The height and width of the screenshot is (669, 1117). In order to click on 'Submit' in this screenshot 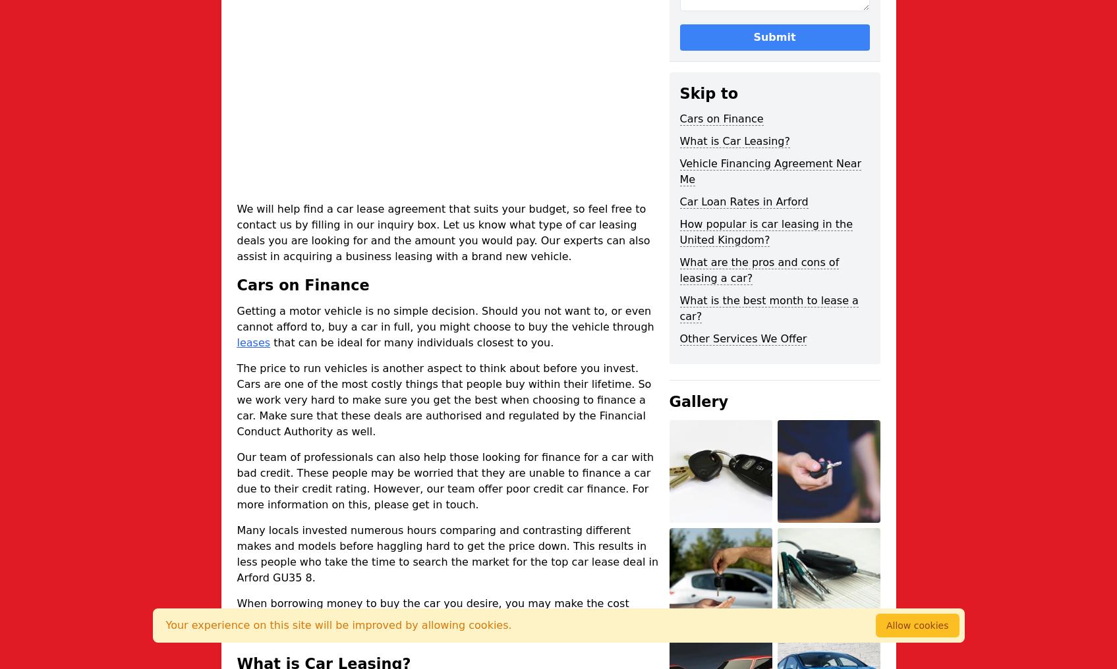, I will do `click(752, 36)`.